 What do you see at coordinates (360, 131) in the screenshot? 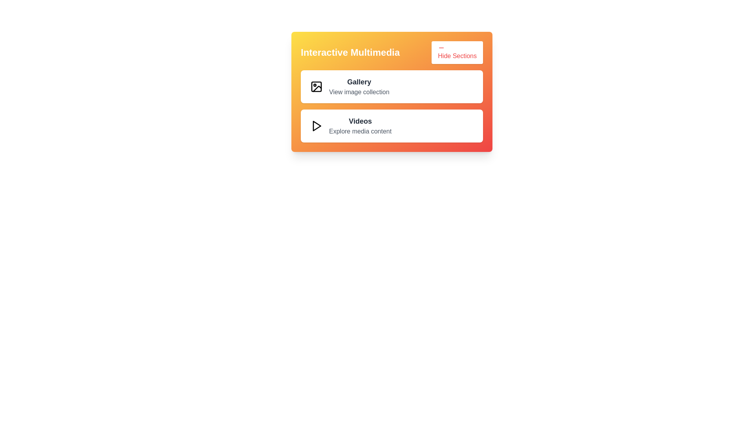
I see `text label displaying 'Explore media content' positioned underneath the bold title 'Videos' in the middle-right section of the interface` at bounding box center [360, 131].